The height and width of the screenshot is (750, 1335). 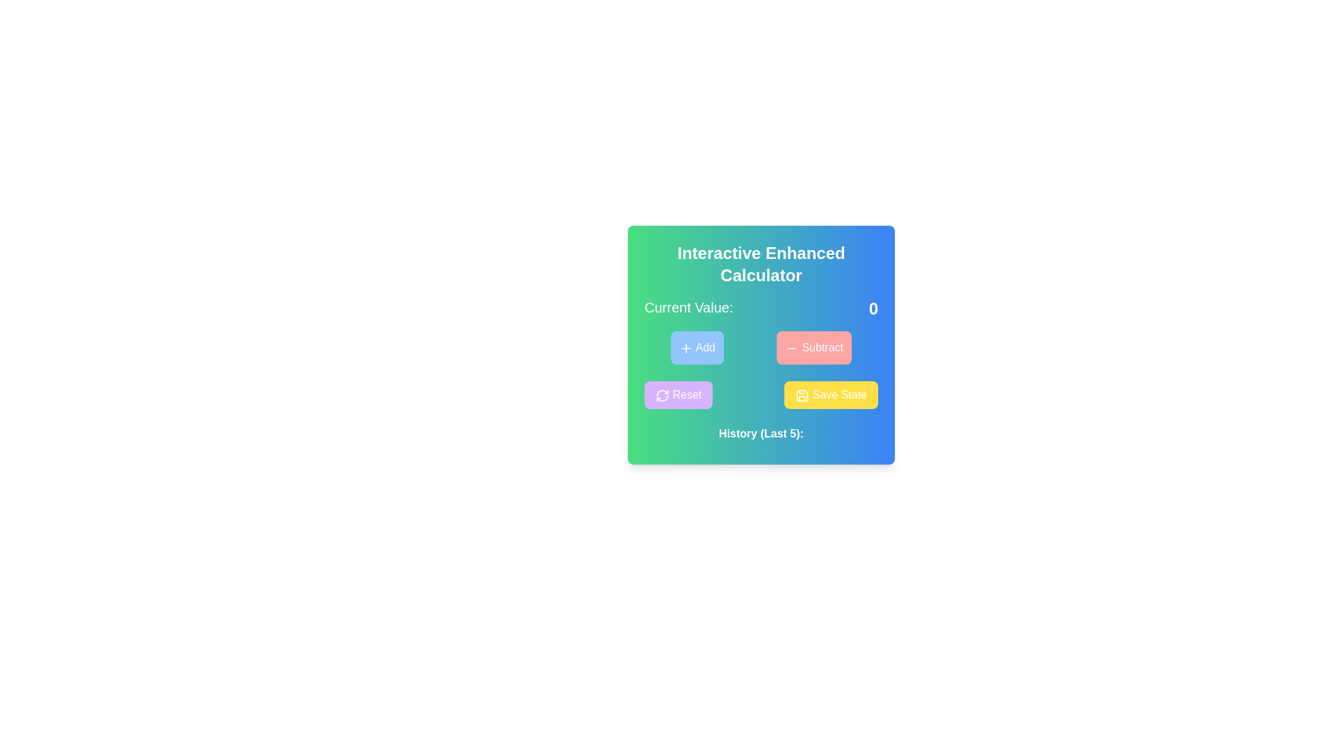 I want to click on the plus icon within the 'Add' button, which is styled with a thin, rounded stroke and a transparent fill, located in the middle-left section of the calculator interface, so click(x=686, y=347).